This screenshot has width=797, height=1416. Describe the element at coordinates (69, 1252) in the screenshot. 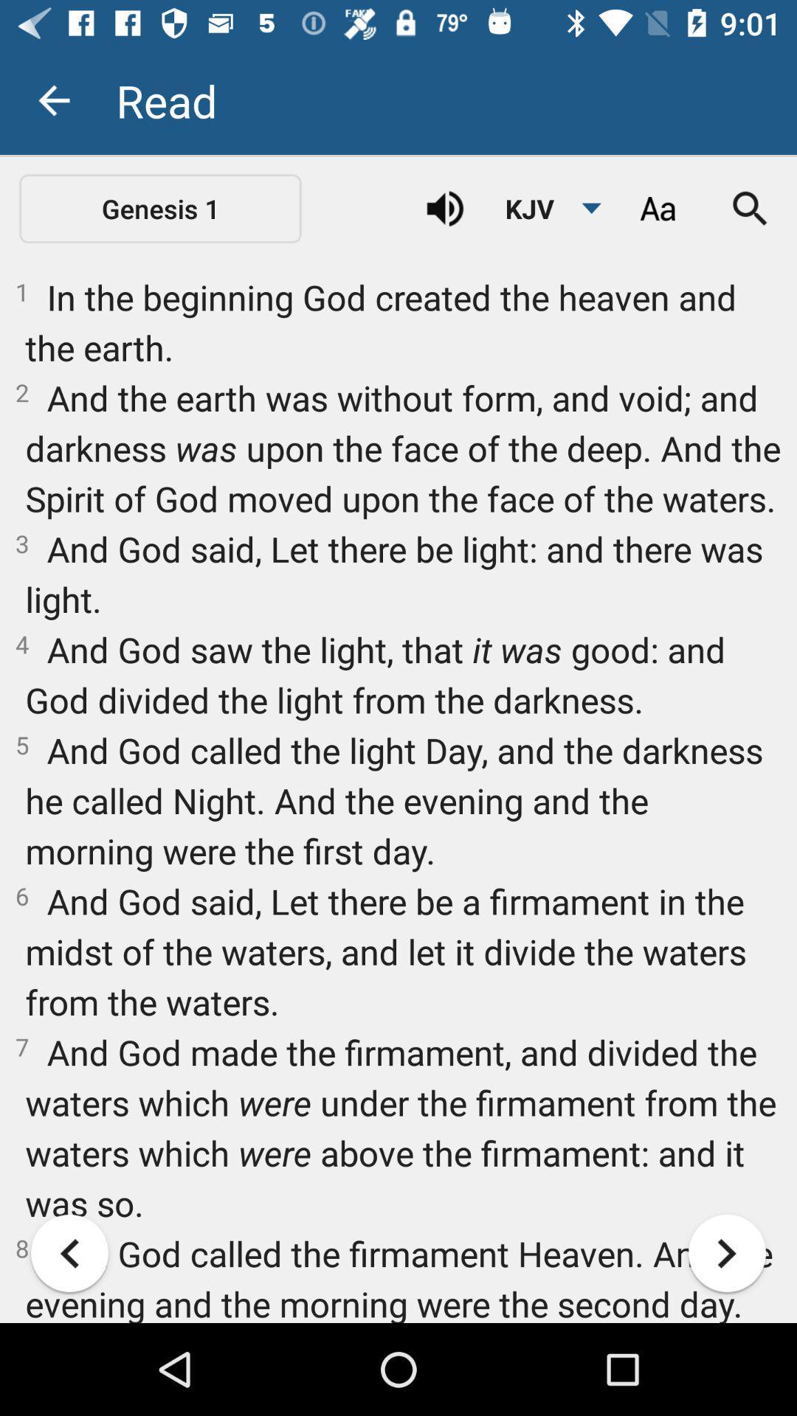

I see `item at the bottom left corner` at that location.